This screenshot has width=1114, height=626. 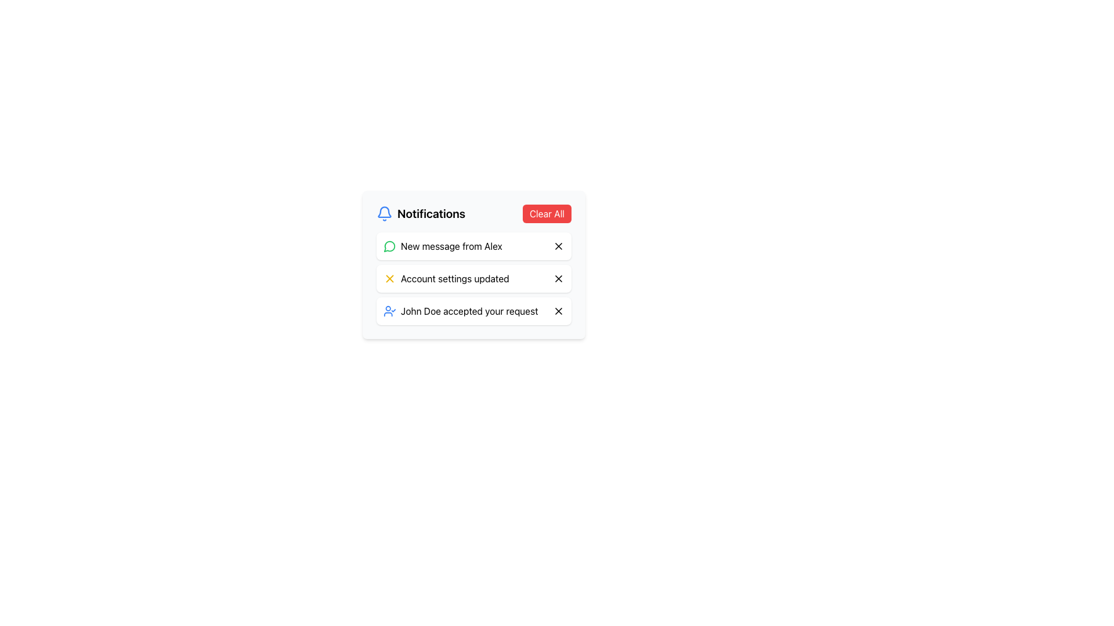 What do you see at coordinates (446, 279) in the screenshot?
I see `text 'Account settings updated' which is styled in black font and accompanied by a yellow icon resembling a close or error symbol, located as the second notification item in the dropdown` at bounding box center [446, 279].